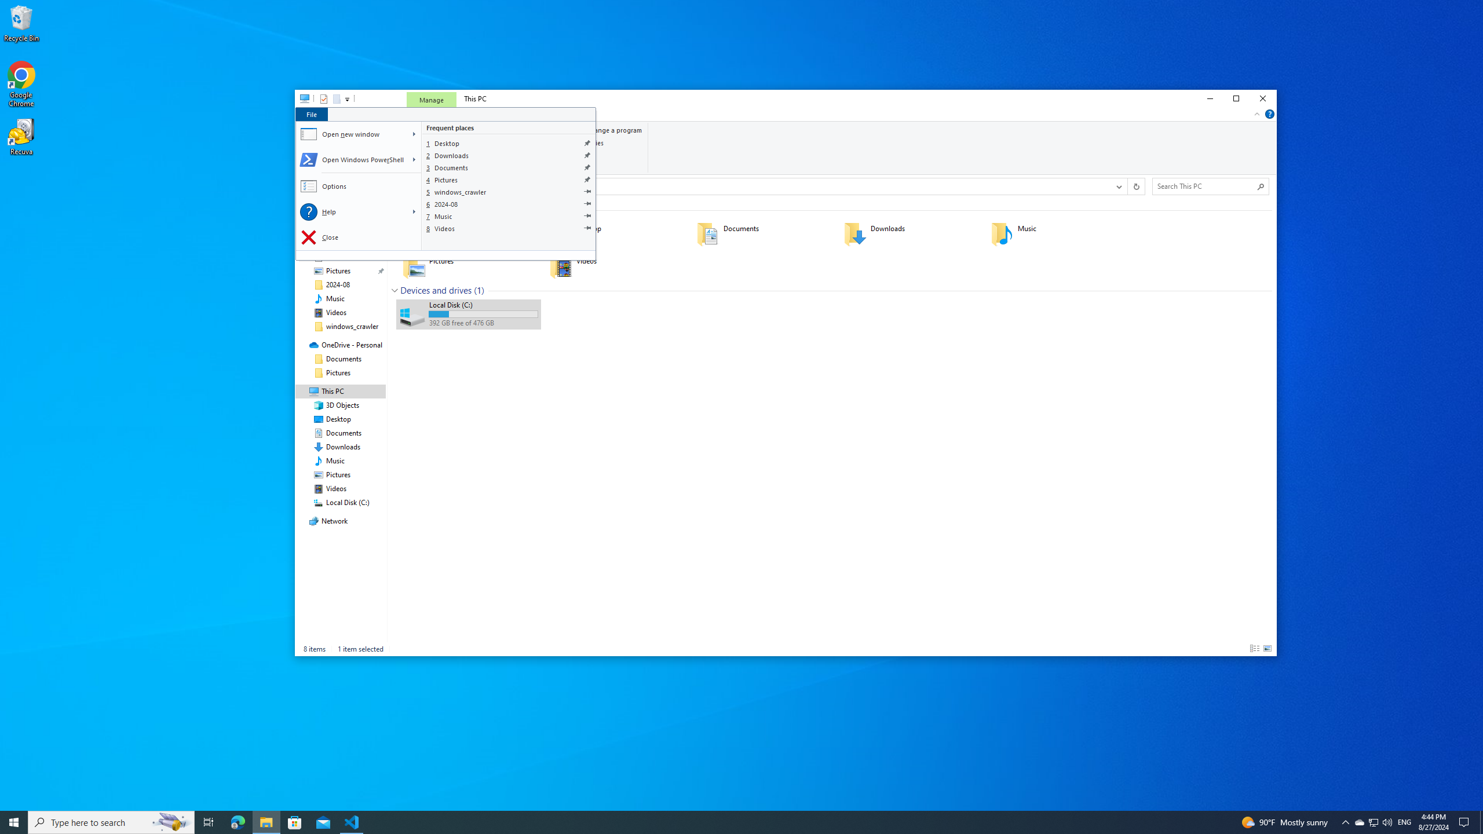 The height and width of the screenshot is (834, 1483). Describe the element at coordinates (352, 133) in the screenshot. I see `'Open new window'` at that location.